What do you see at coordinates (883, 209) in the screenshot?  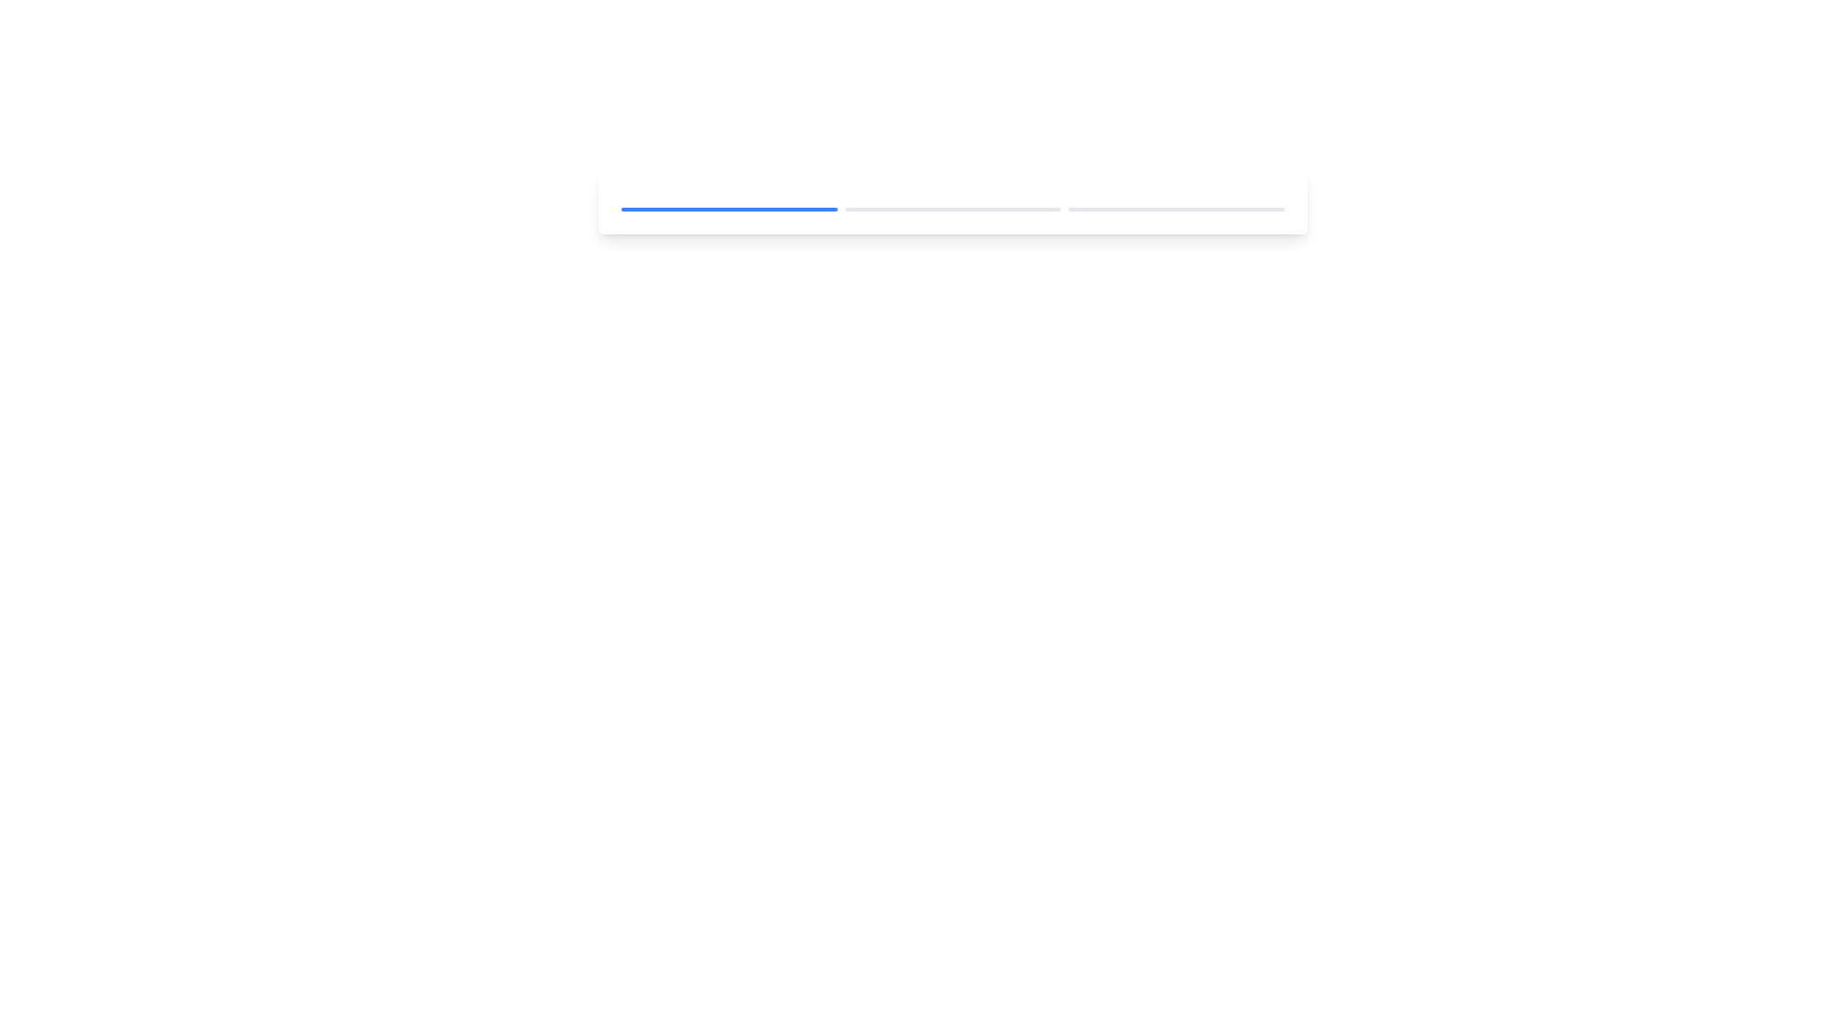 I see `the slider` at bounding box center [883, 209].